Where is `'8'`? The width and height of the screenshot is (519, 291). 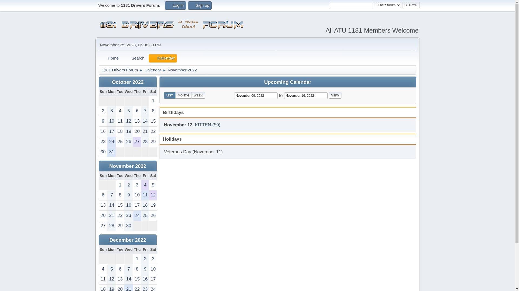
'8' is located at coordinates (137, 269).